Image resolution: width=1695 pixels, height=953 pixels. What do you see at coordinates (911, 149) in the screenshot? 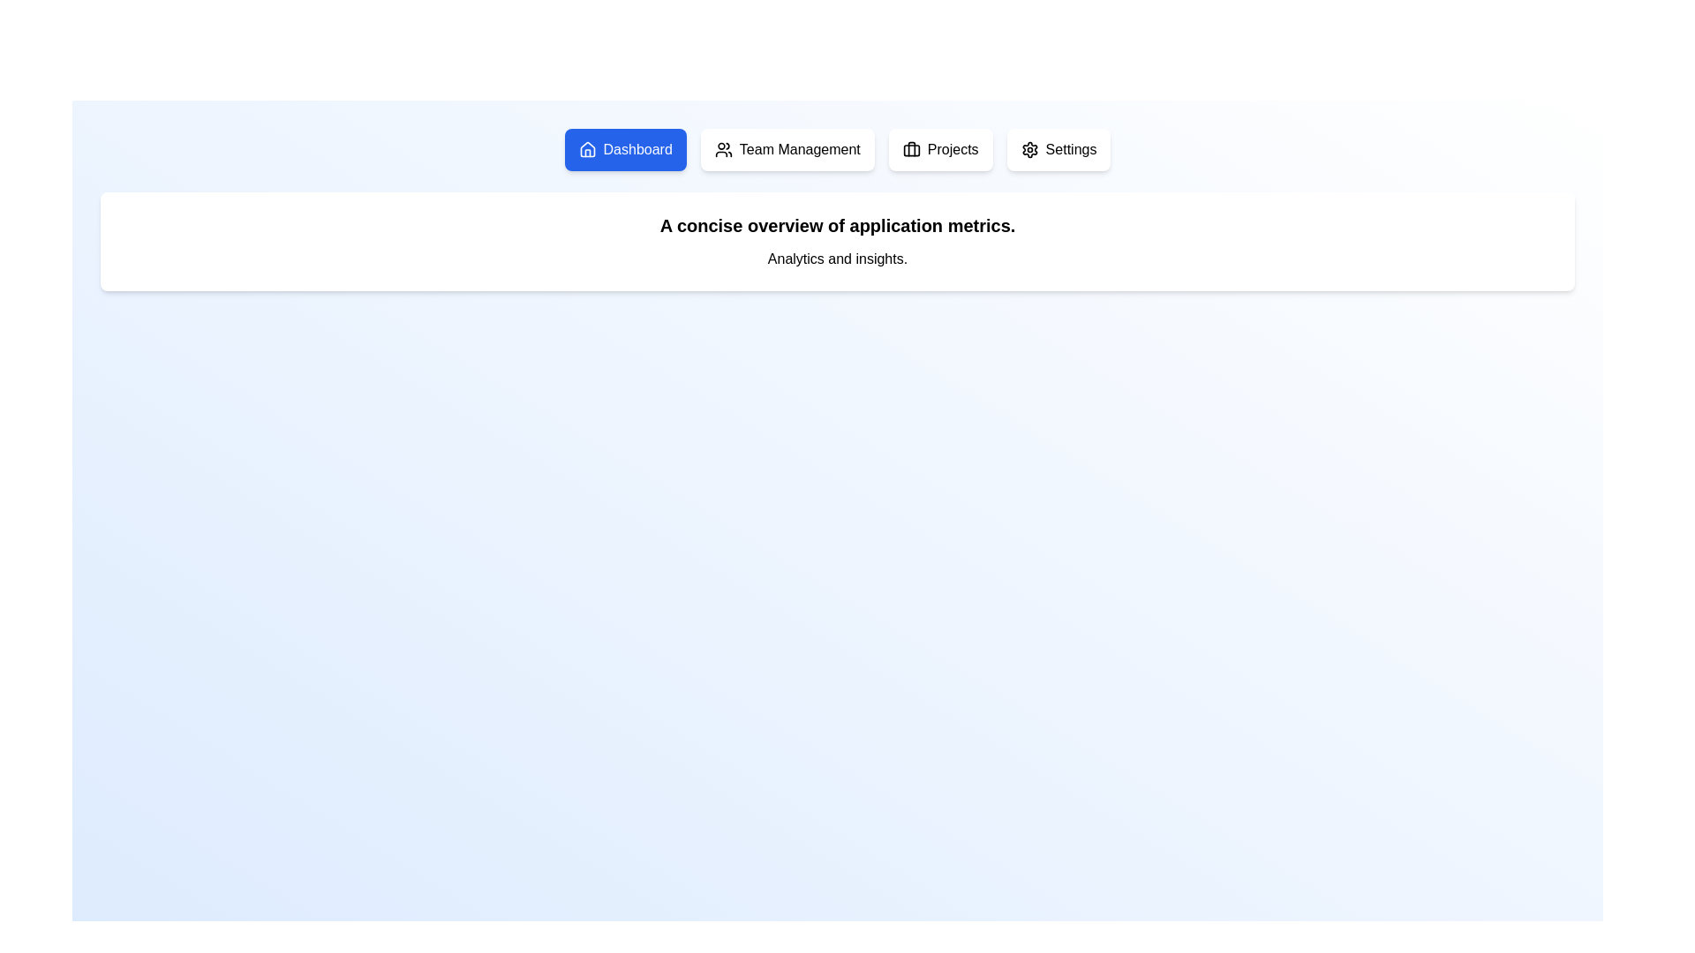
I see `the decorative rounded rectangle shape that is the back of the briefcase icon, which is the third element from the left in the navigation bar at the top` at bounding box center [911, 149].